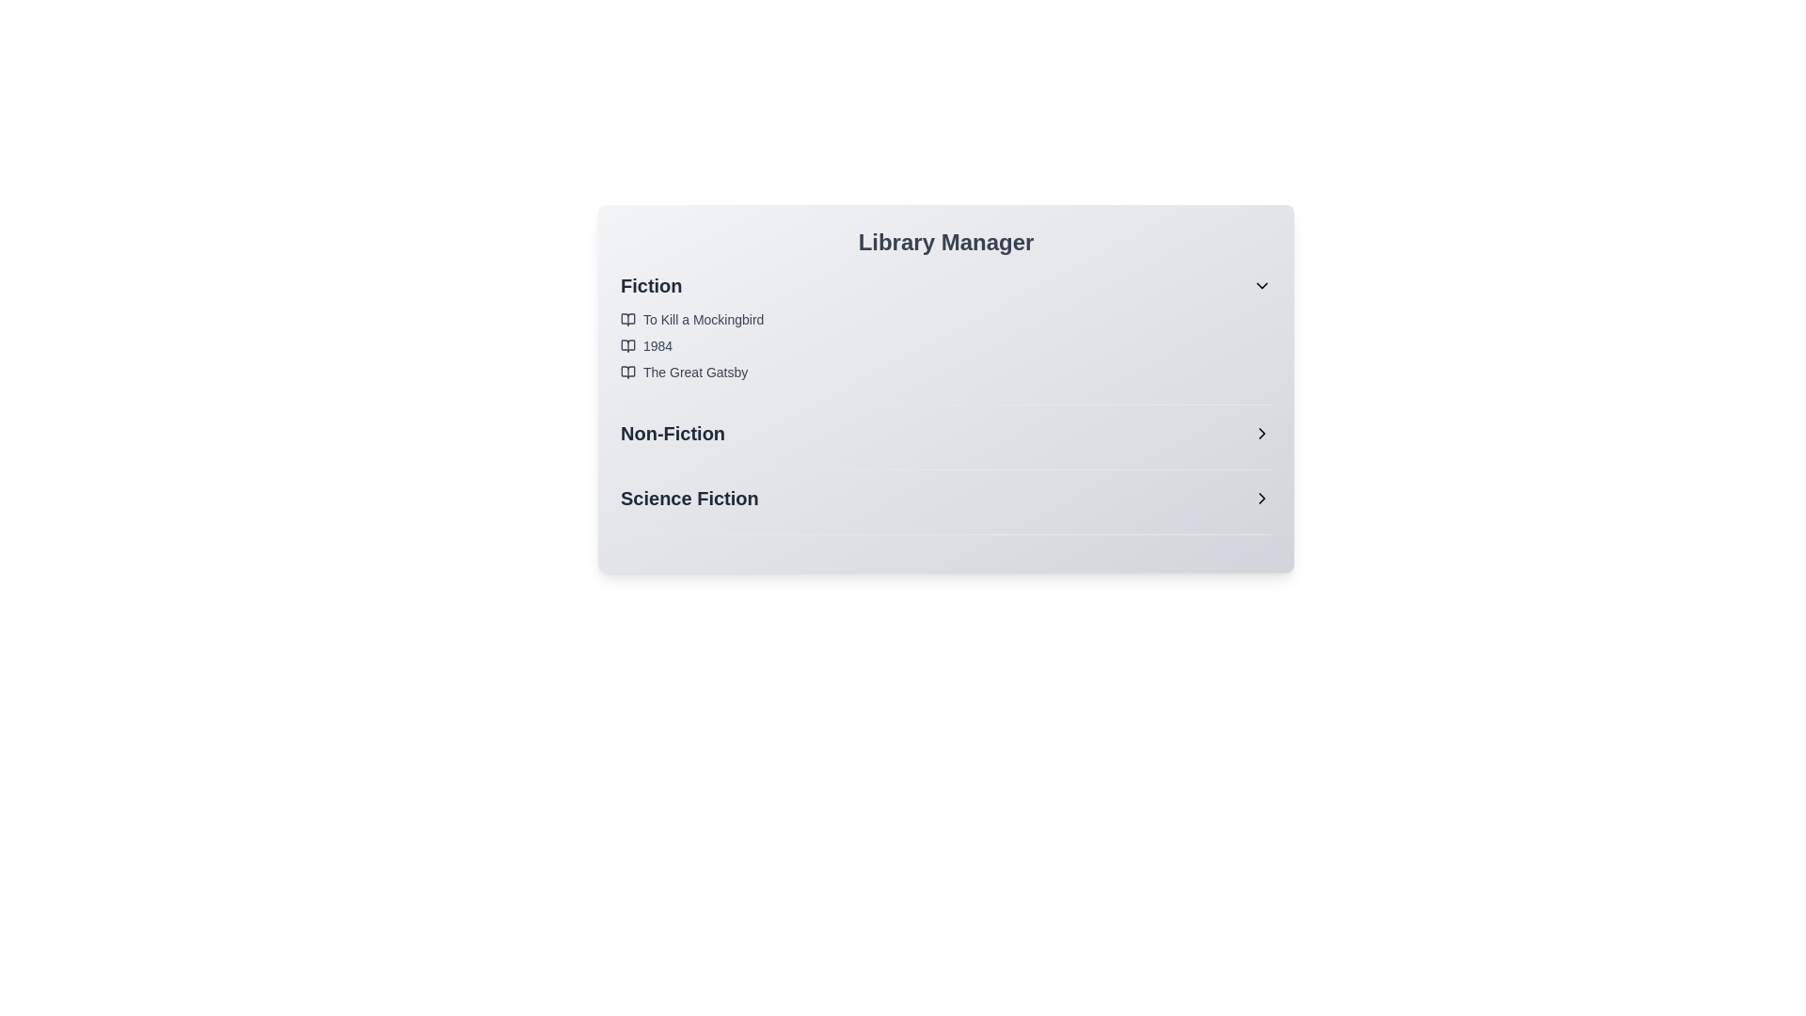  What do you see at coordinates (946, 497) in the screenshot?
I see `the category Science Fiction to reveal its tooltip` at bounding box center [946, 497].